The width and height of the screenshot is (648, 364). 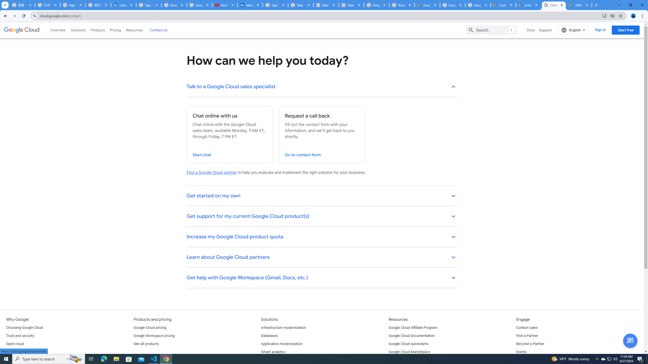 What do you see at coordinates (633, 16) in the screenshot?
I see `'You'` at bounding box center [633, 16].